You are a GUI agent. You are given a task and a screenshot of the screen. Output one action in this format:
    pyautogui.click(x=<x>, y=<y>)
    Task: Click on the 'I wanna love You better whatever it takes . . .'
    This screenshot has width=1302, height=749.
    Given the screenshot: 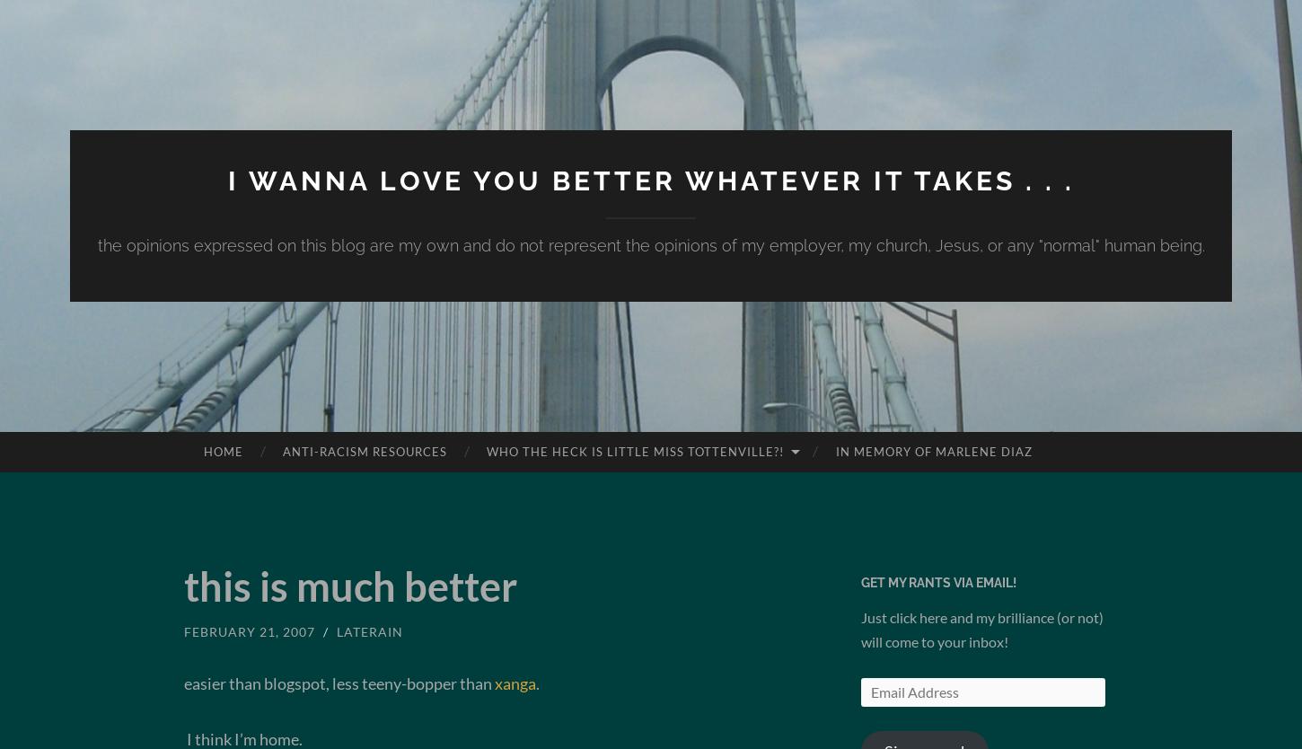 What is the action you would take?
    pyautogui.click(x=227, y=180)
    